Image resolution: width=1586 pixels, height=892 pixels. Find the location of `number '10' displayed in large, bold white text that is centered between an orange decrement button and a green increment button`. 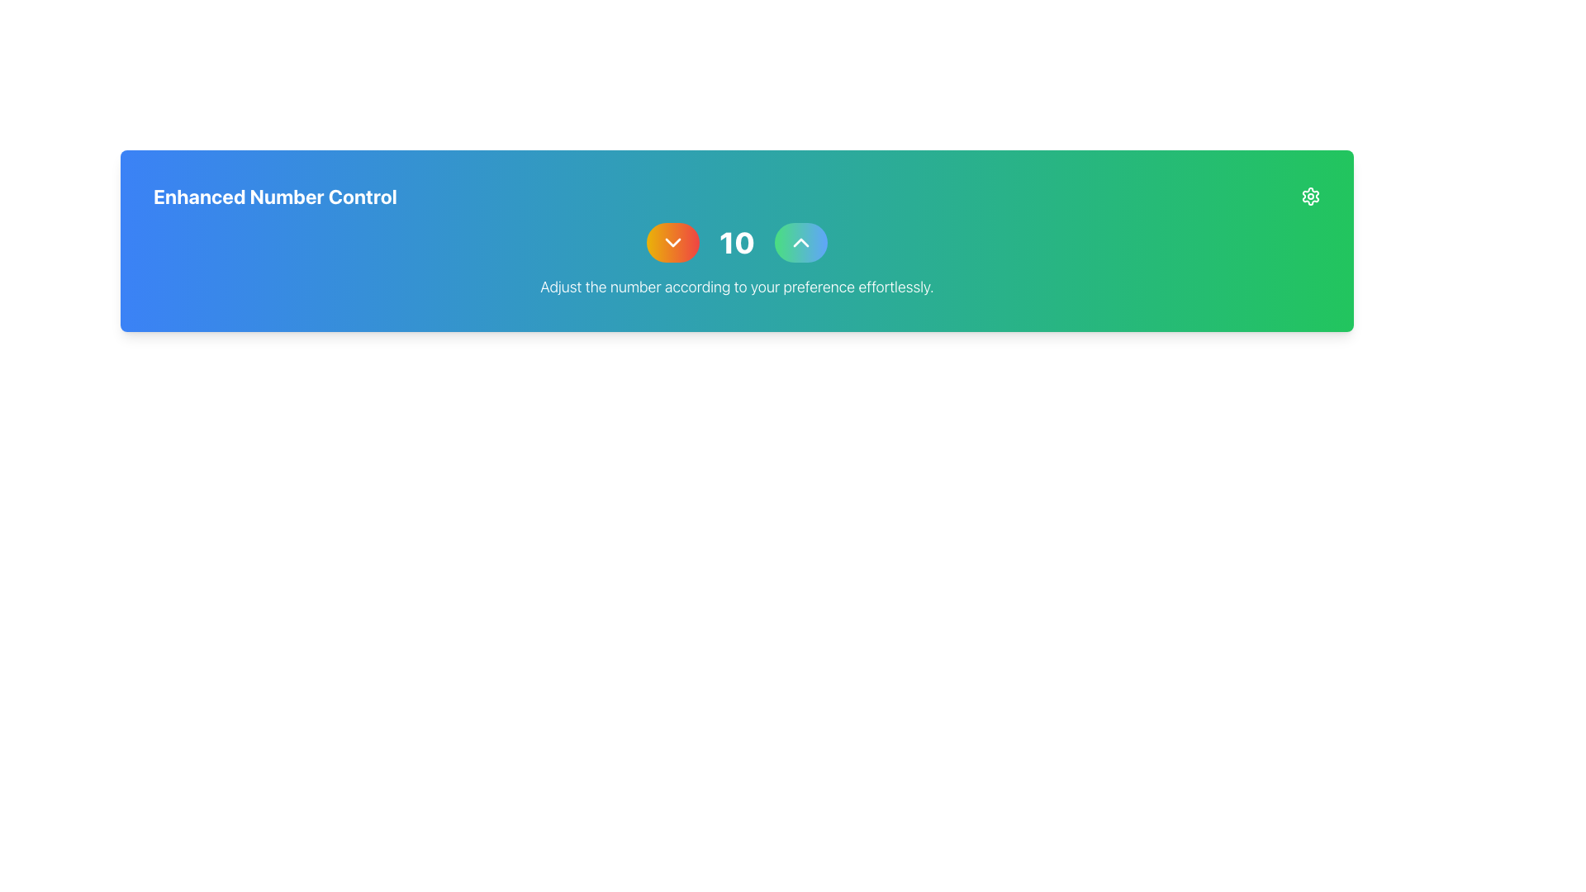

number '10' displayed in large, bold white text that is centered between an orange decrement button and a green increment button is located at coordinates (736, 242).